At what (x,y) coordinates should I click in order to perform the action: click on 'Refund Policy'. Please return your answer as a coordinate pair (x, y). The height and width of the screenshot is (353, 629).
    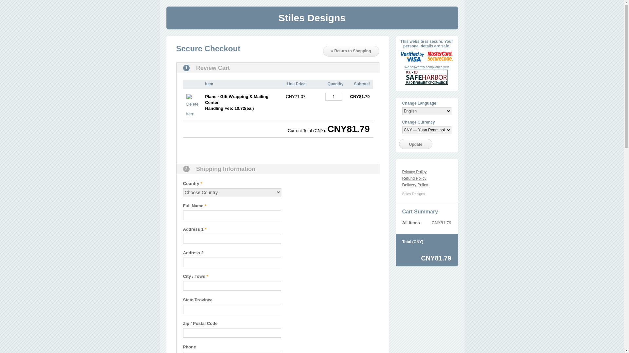
    Looking at the image, I should click on (414, 178).